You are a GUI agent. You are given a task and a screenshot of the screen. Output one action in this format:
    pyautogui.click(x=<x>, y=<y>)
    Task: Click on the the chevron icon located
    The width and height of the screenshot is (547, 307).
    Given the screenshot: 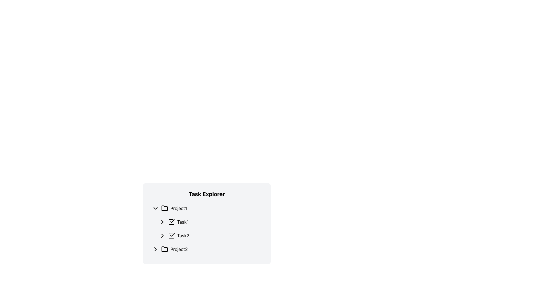 What is the action you would take?
    pyautogui.click(x=162, y=236)
    